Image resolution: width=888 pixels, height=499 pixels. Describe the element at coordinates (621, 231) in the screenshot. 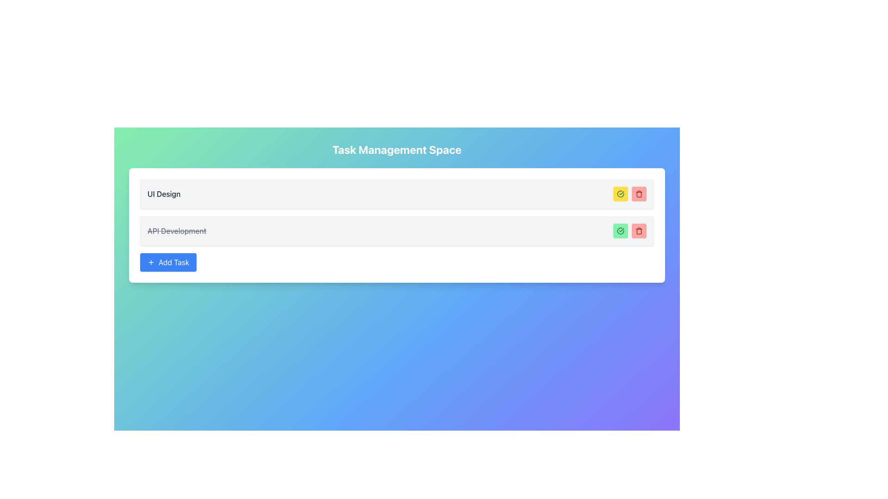

I see `the status confirmation icon located in the second row of the task list, aligned to the right end beside a red trash icon` at that location.